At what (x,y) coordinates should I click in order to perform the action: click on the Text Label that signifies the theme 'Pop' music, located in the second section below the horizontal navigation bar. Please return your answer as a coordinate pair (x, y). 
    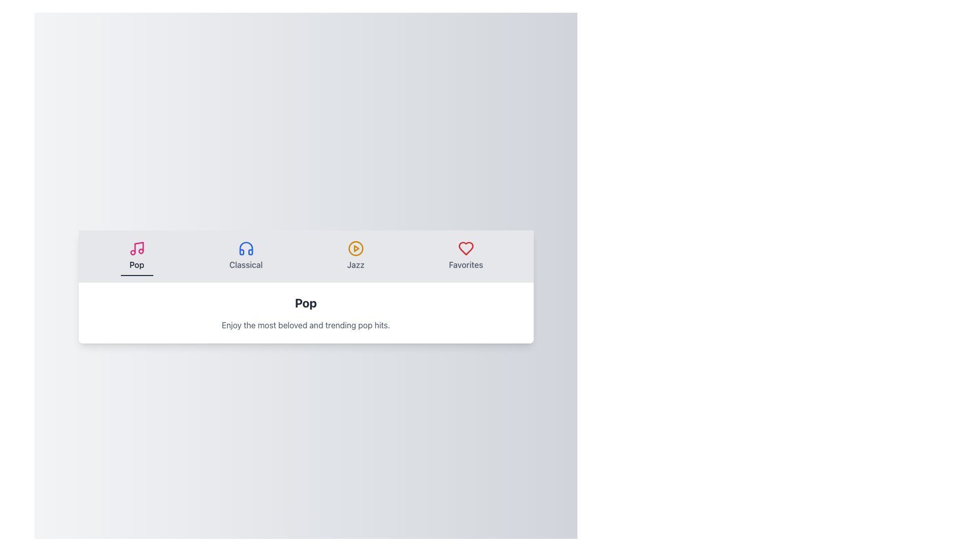
    Looking at the image, I should click on (305, 302).